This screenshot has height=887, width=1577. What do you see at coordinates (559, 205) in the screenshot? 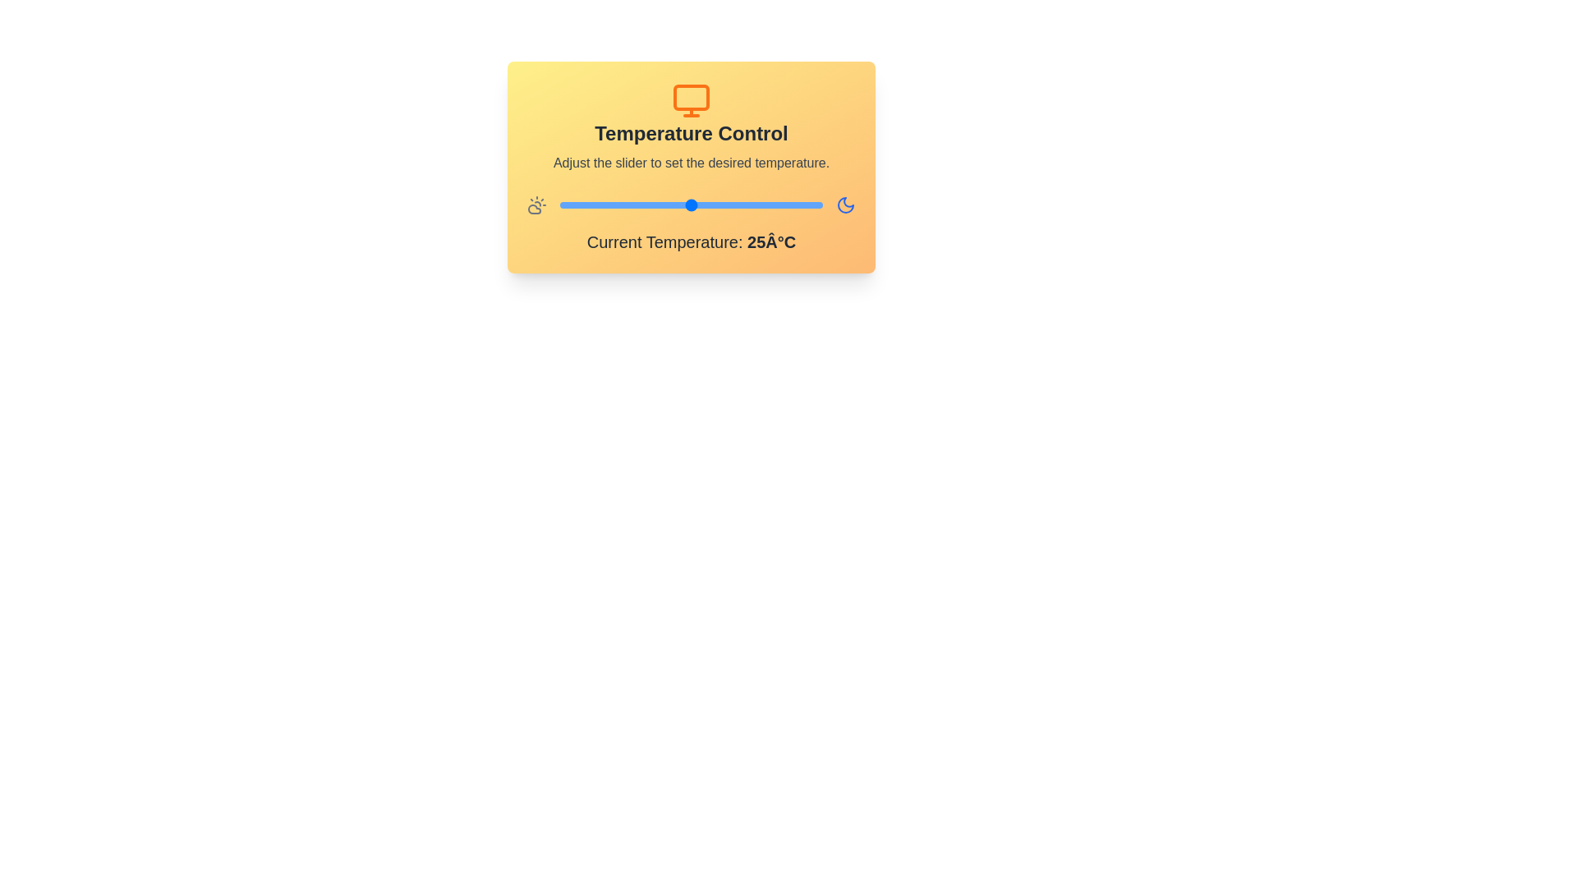
I see `the temperature slider to 10°C` at bounding box center [559, 205].